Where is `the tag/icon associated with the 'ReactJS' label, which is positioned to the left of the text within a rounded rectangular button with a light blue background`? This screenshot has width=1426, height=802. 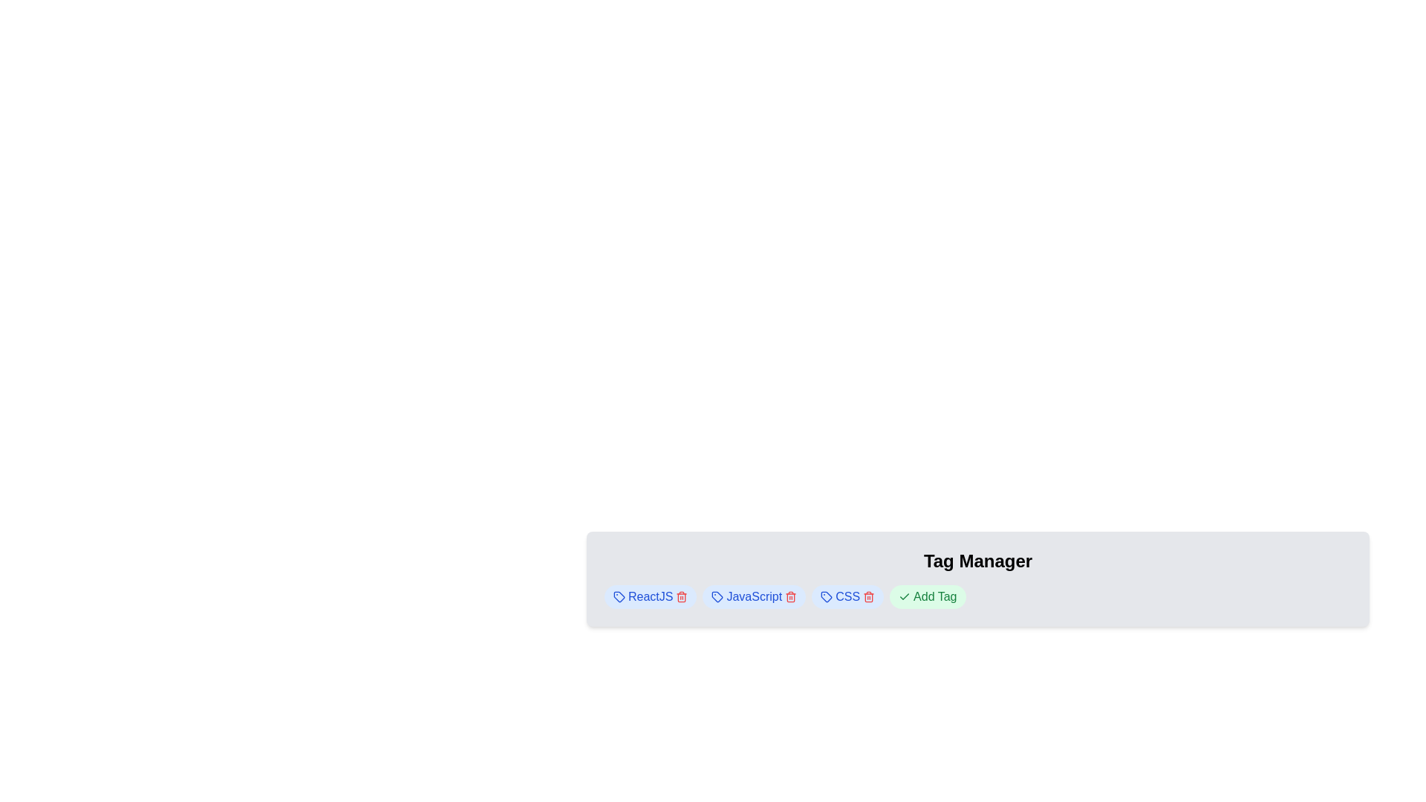 the tag/icon associated with the 'ReactJS' label, which is positioned to the left of the text within a rounded rectangular button with a light blue background is located at coordinates (619, 596).